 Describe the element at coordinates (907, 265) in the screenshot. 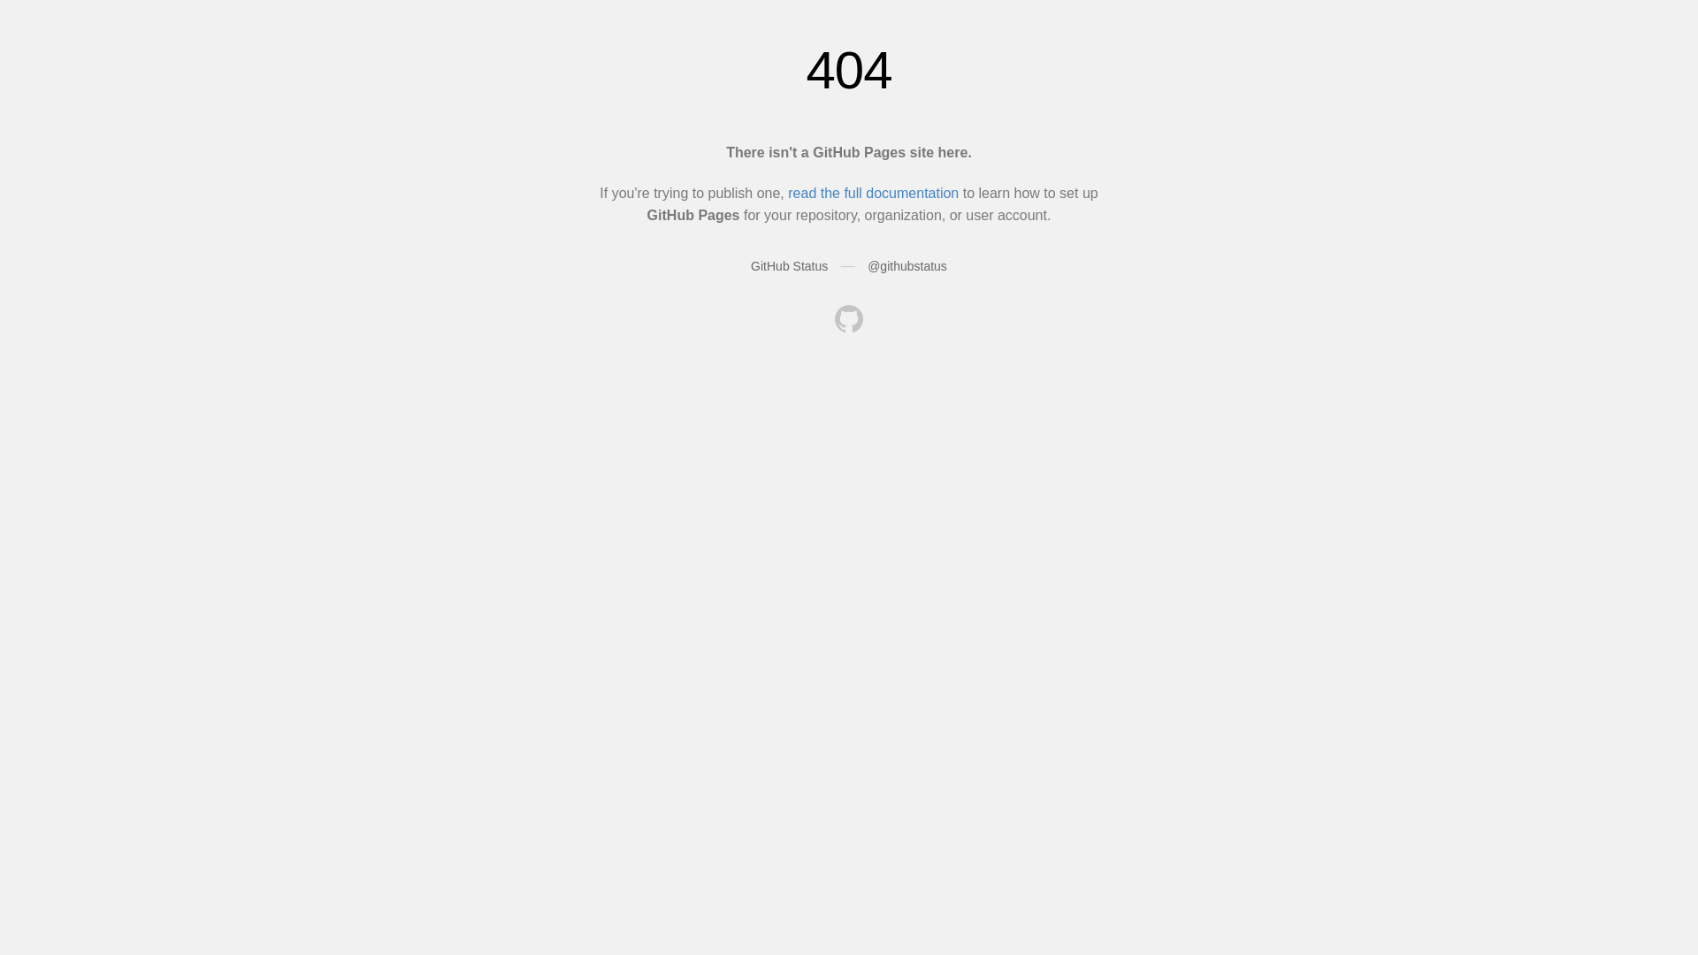

I see `'@githubstatus'` at that location.